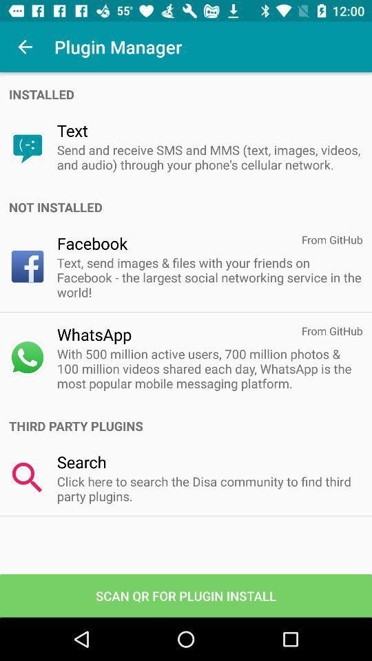 This screenshot has height=661, width=372. Describe the element at coordinates (189, 207) in the screenshot. I see `not installed` at that location.